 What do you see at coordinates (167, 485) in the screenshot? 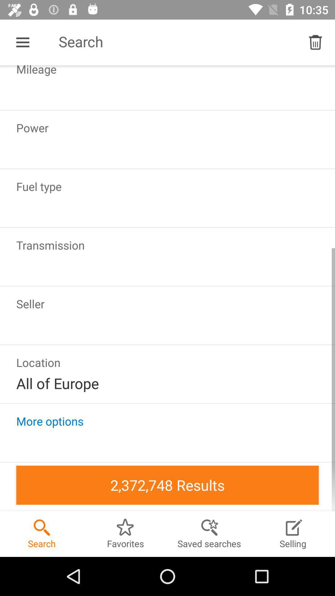
I see `2372748 results in the bottom of the screen` at bounding box center [167, 485].